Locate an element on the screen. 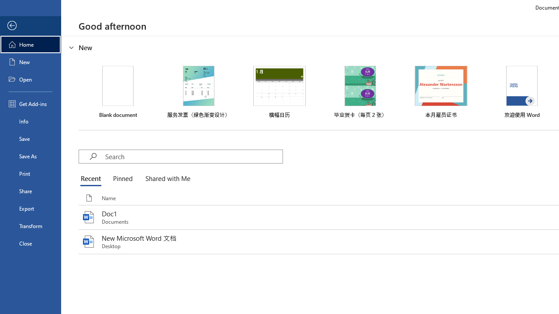 This screenshot has height=314, width=559. 'Save' is located at coordinates (30, 138).